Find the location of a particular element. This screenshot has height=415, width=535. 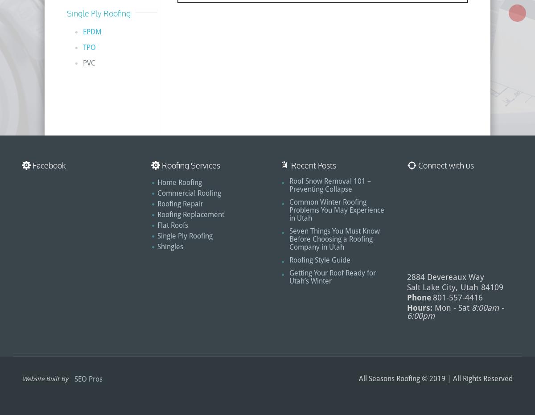

'Roofing Repair' is located at coordinates (157, 203).